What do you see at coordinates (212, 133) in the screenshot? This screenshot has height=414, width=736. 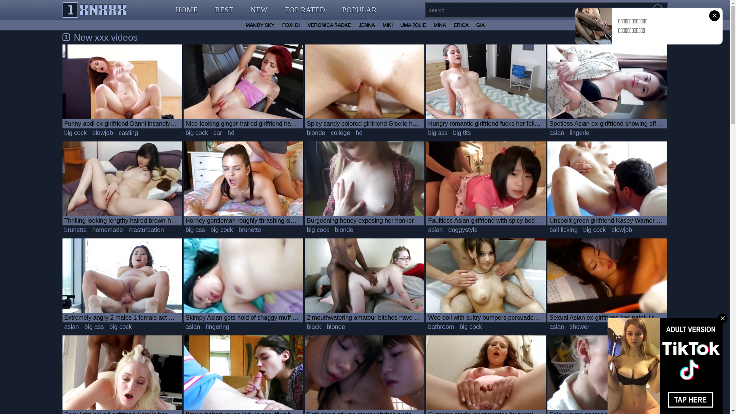 I see `'car'` at bounding box center [212, 133].